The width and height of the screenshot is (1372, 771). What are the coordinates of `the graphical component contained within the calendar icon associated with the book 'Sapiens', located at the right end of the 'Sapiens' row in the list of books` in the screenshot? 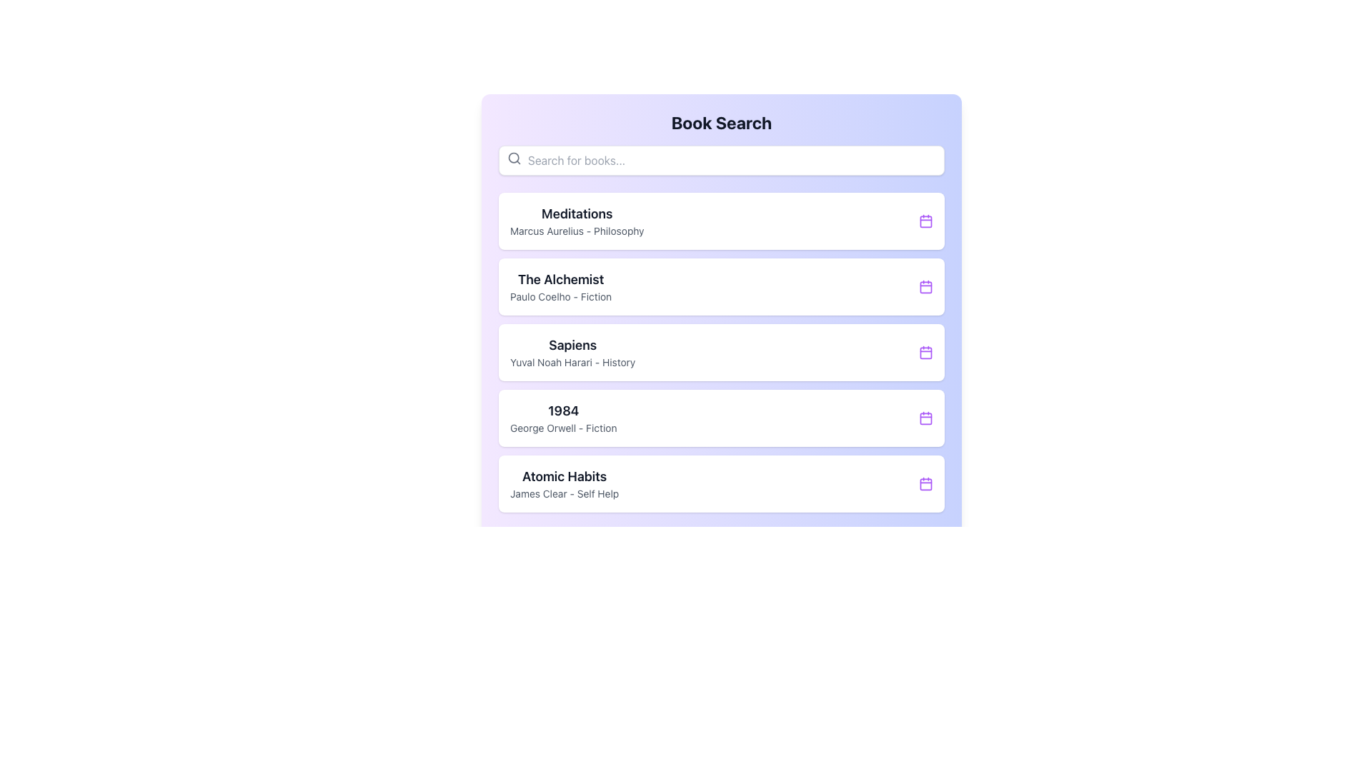 It's located at (926, 352).